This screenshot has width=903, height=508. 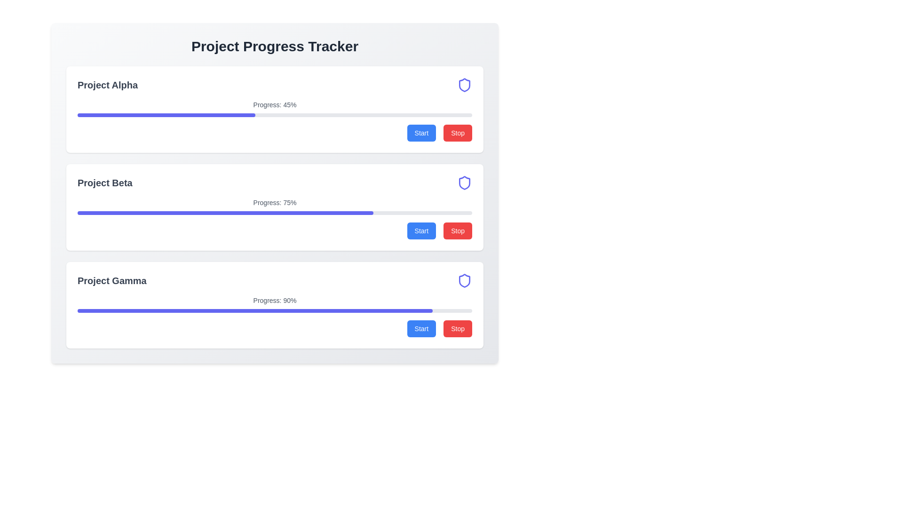 What do you see at coordinates (465, 183) in the screenshot?
I see `the shield icon with a blue border and white interior located in the top-right corner of the 'Project Beta' section in the project progress tracker UI` at bounding box center [465, 183].